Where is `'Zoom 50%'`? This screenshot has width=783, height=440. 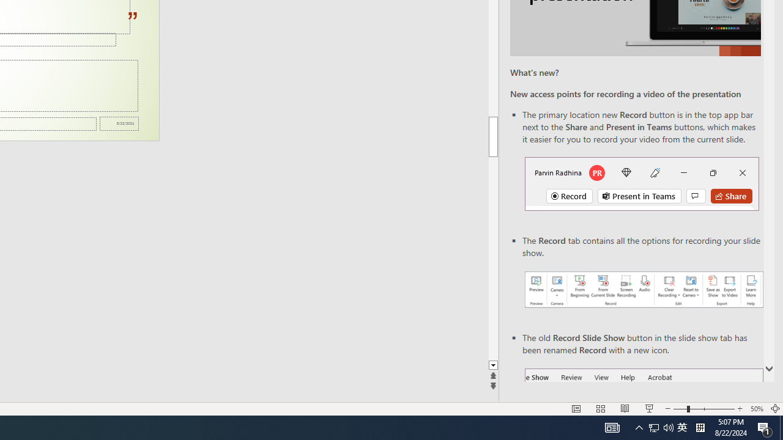 'Zoom 50%' is located at coordinates (756, 409).